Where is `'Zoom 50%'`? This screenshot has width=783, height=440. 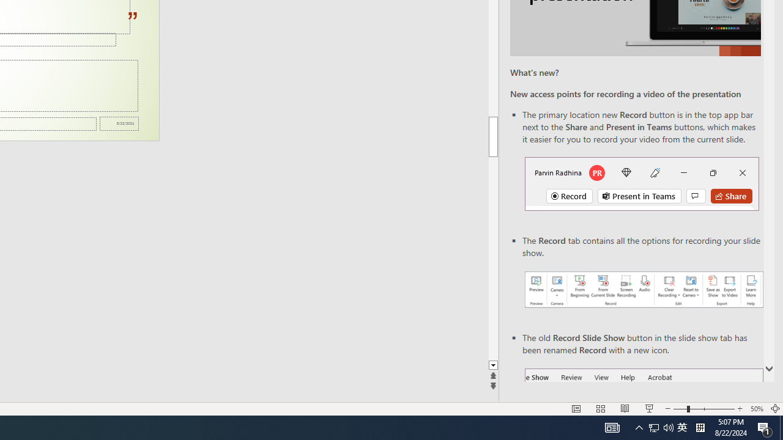 'Zoom 50%' is located at coordinates (756, 409).